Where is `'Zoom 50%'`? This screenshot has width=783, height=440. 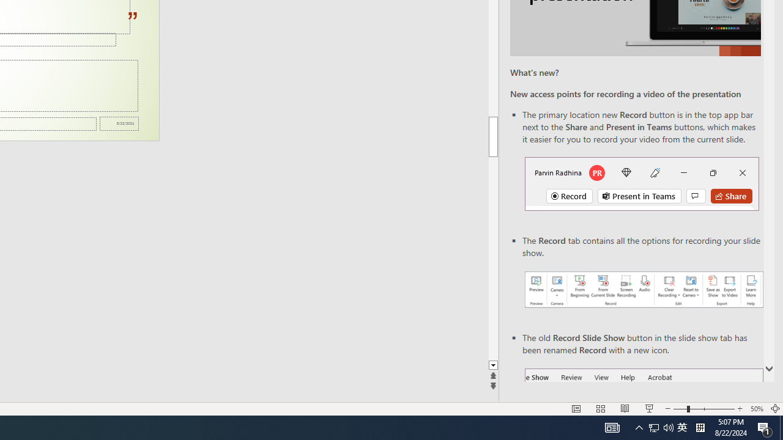 'Zoom 50%' is located at coordinates (756, 409).